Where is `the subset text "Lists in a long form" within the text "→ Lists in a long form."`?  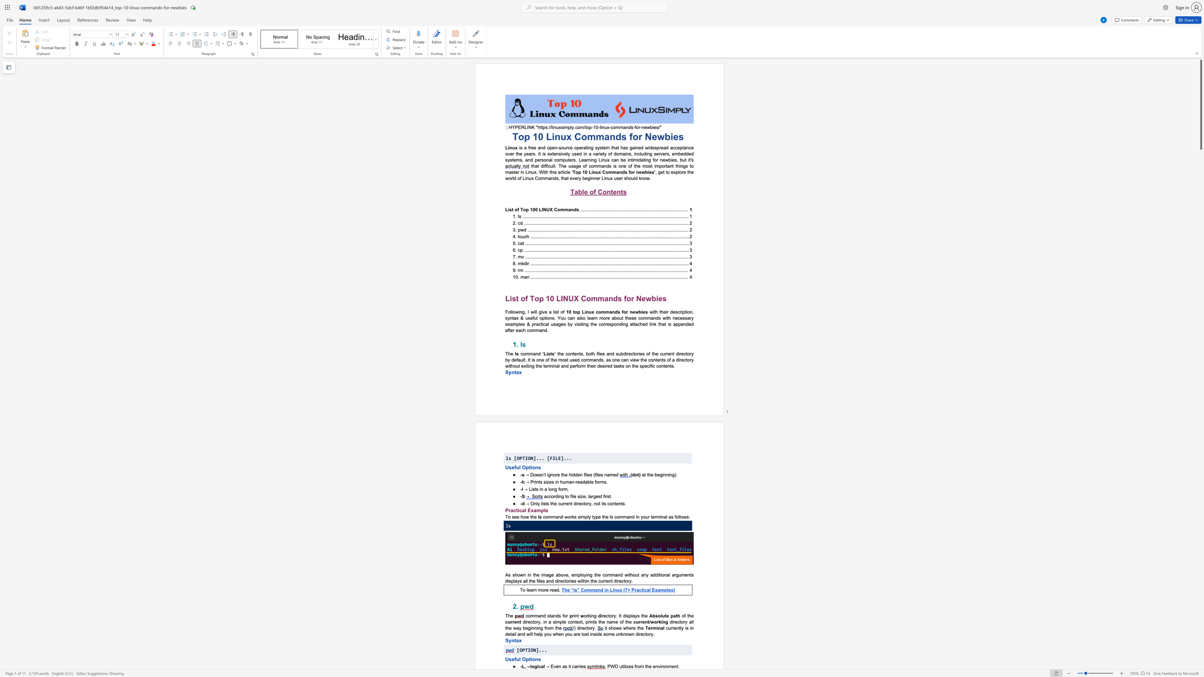
the subset text "Lists in a long form" within the text "→ Lists in a long form." is located at coordinates (528, 489).